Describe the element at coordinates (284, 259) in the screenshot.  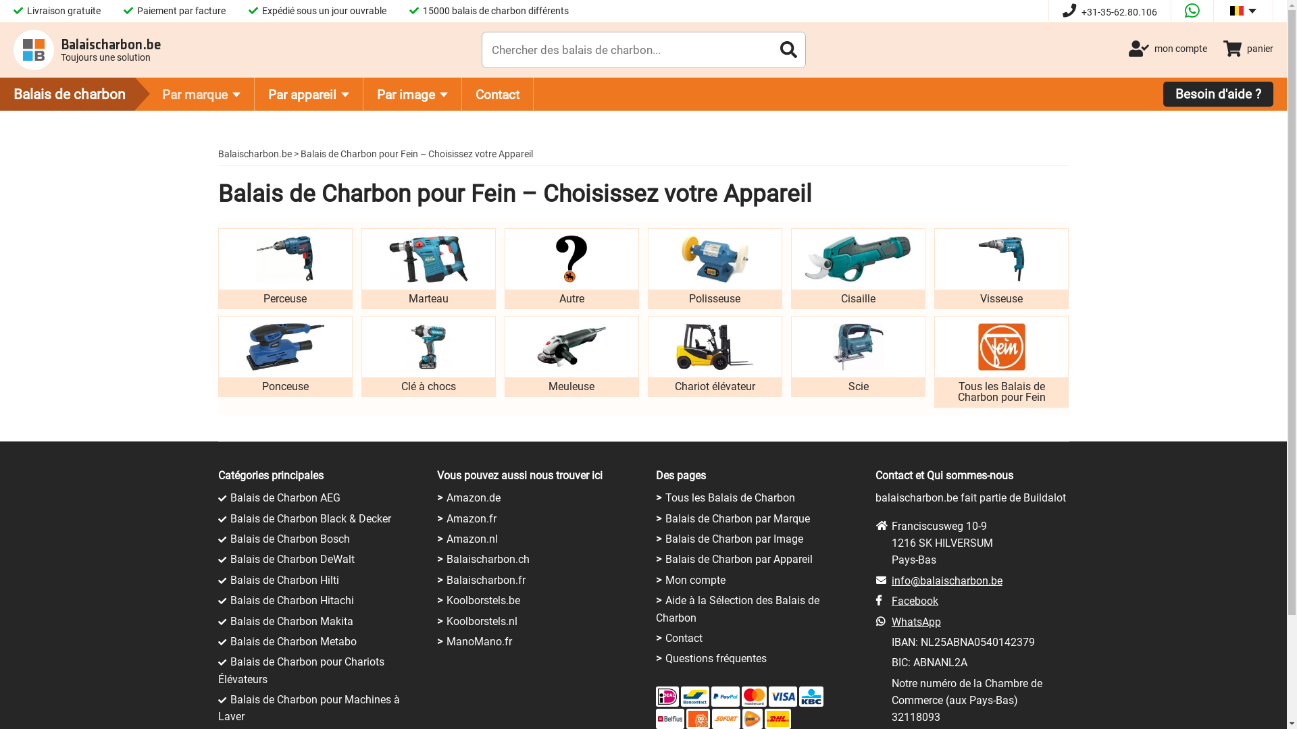
I see `'perceuse'` at that location.